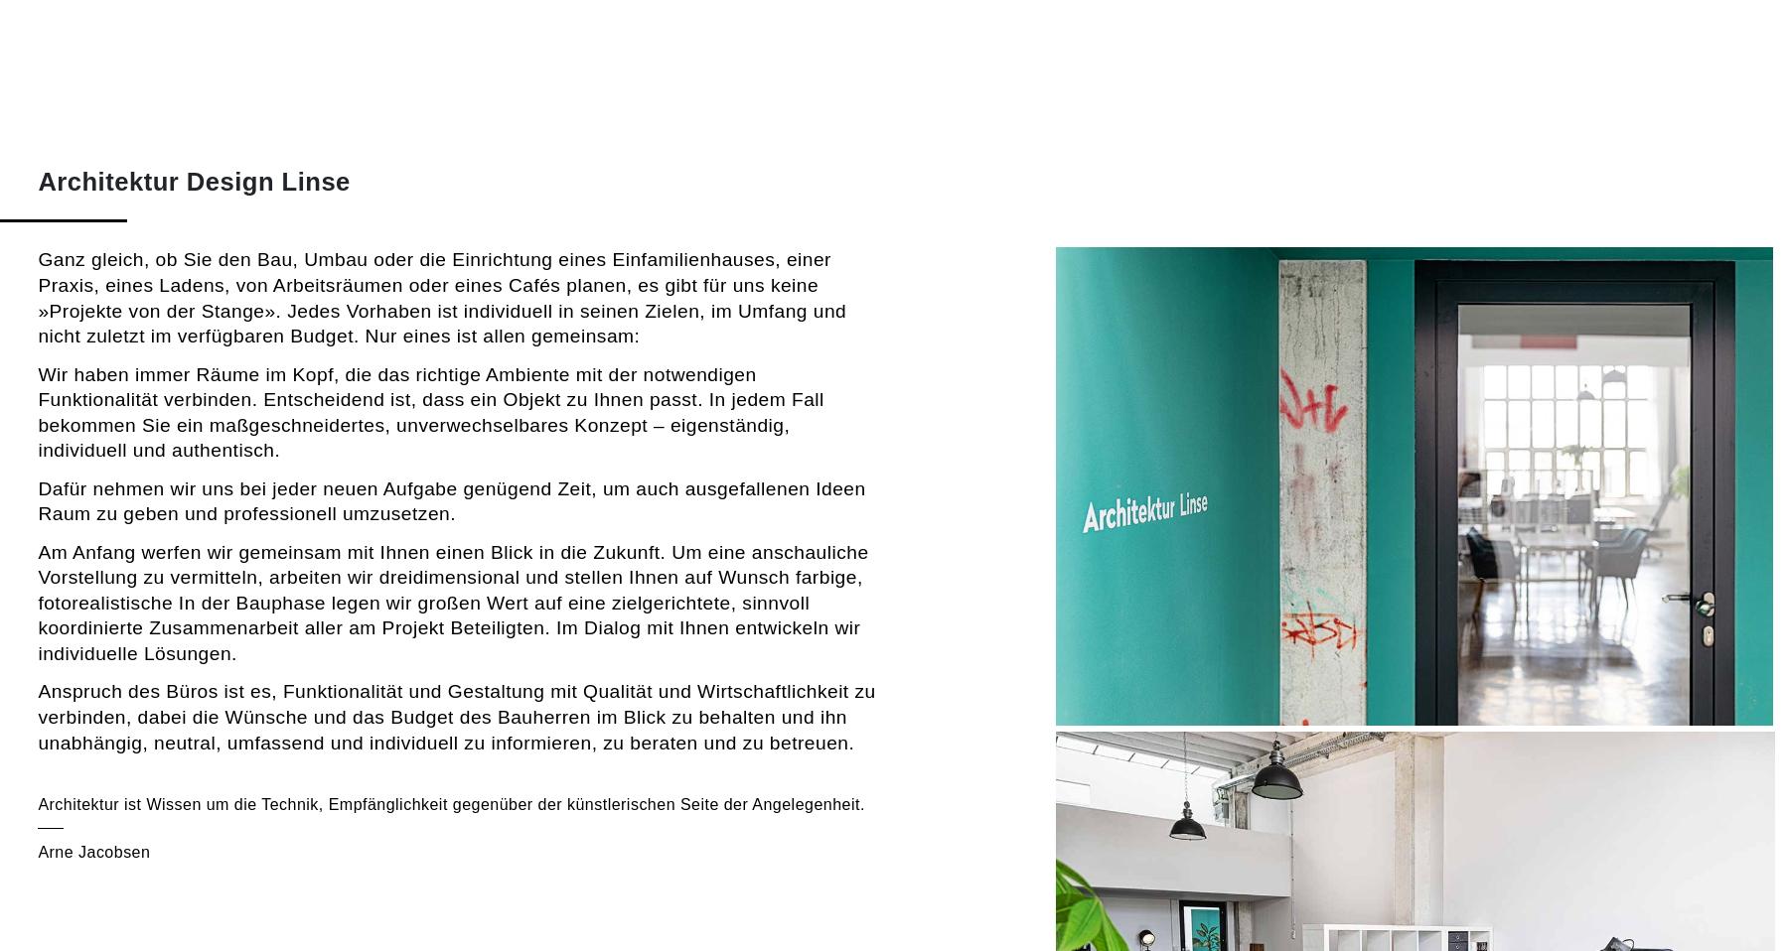  Describe the element at coordinates (945, 588) in the screenshot. I see `'2012 – 2015'` at that location.